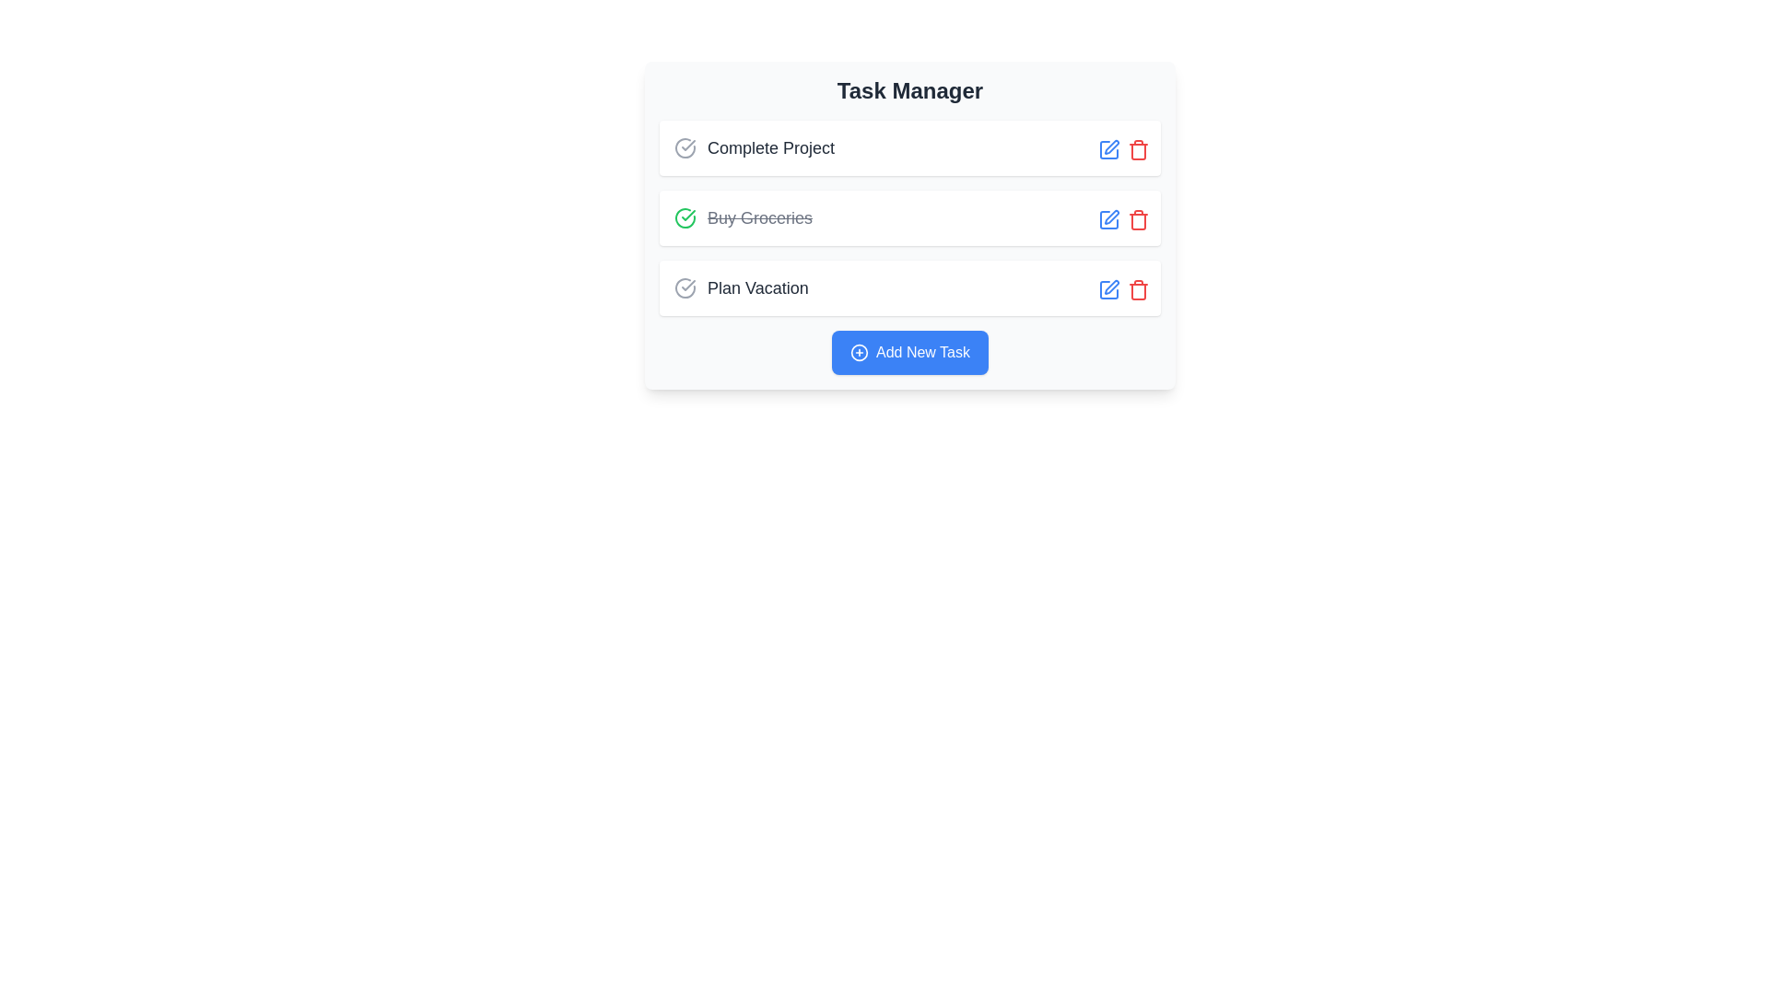  Describe the element at coordinates (685, 287) in the screenshot. I see `the circular gray icon with a checkmark located to the left of the text 'Plan Vacation' for additional details` at that location.